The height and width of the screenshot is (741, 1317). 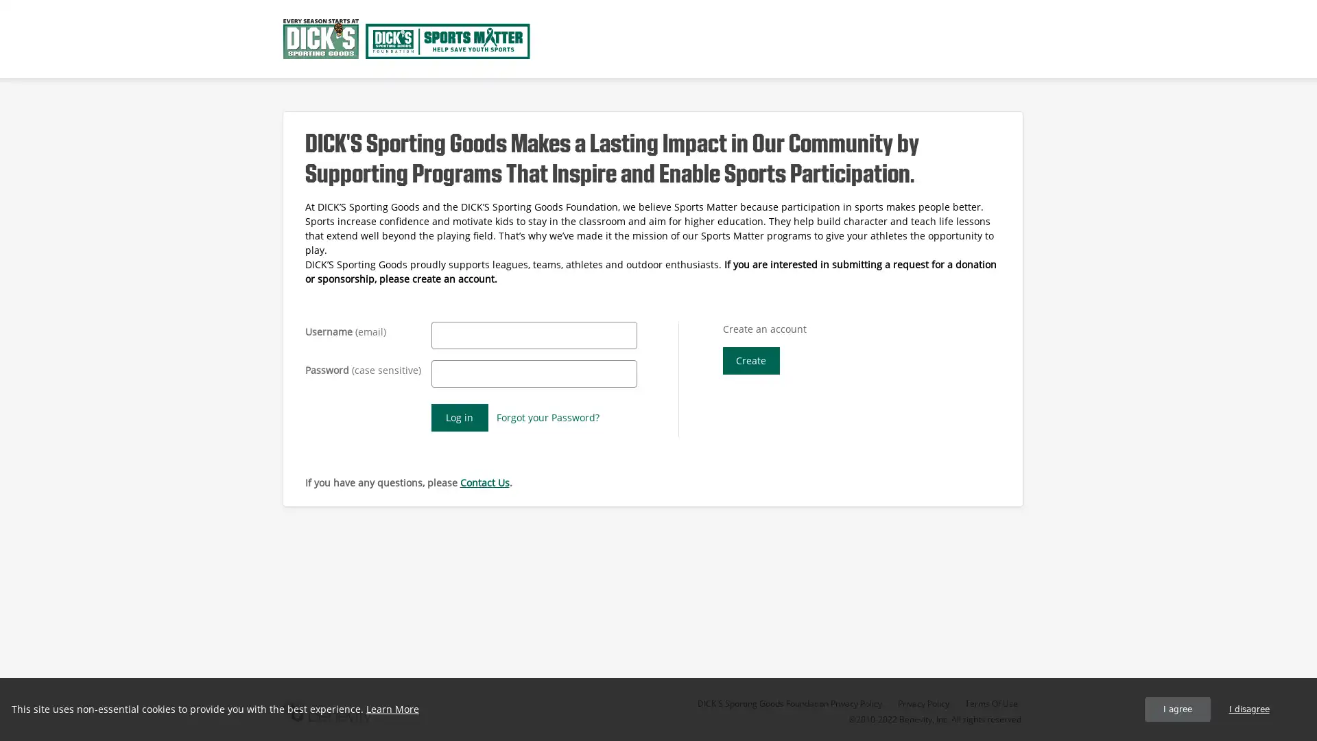 I want to click on I disagree, so click(x=1248, y=709).